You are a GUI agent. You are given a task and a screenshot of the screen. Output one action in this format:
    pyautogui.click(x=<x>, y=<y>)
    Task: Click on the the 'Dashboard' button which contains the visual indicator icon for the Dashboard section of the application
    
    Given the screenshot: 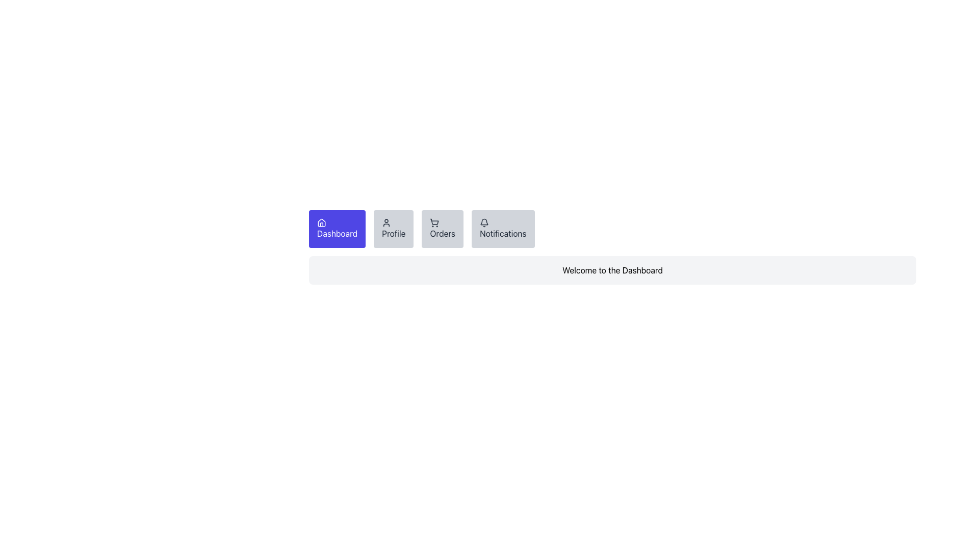 What is the action you would take?
    pyautogui.click(x=321, y=222)
    